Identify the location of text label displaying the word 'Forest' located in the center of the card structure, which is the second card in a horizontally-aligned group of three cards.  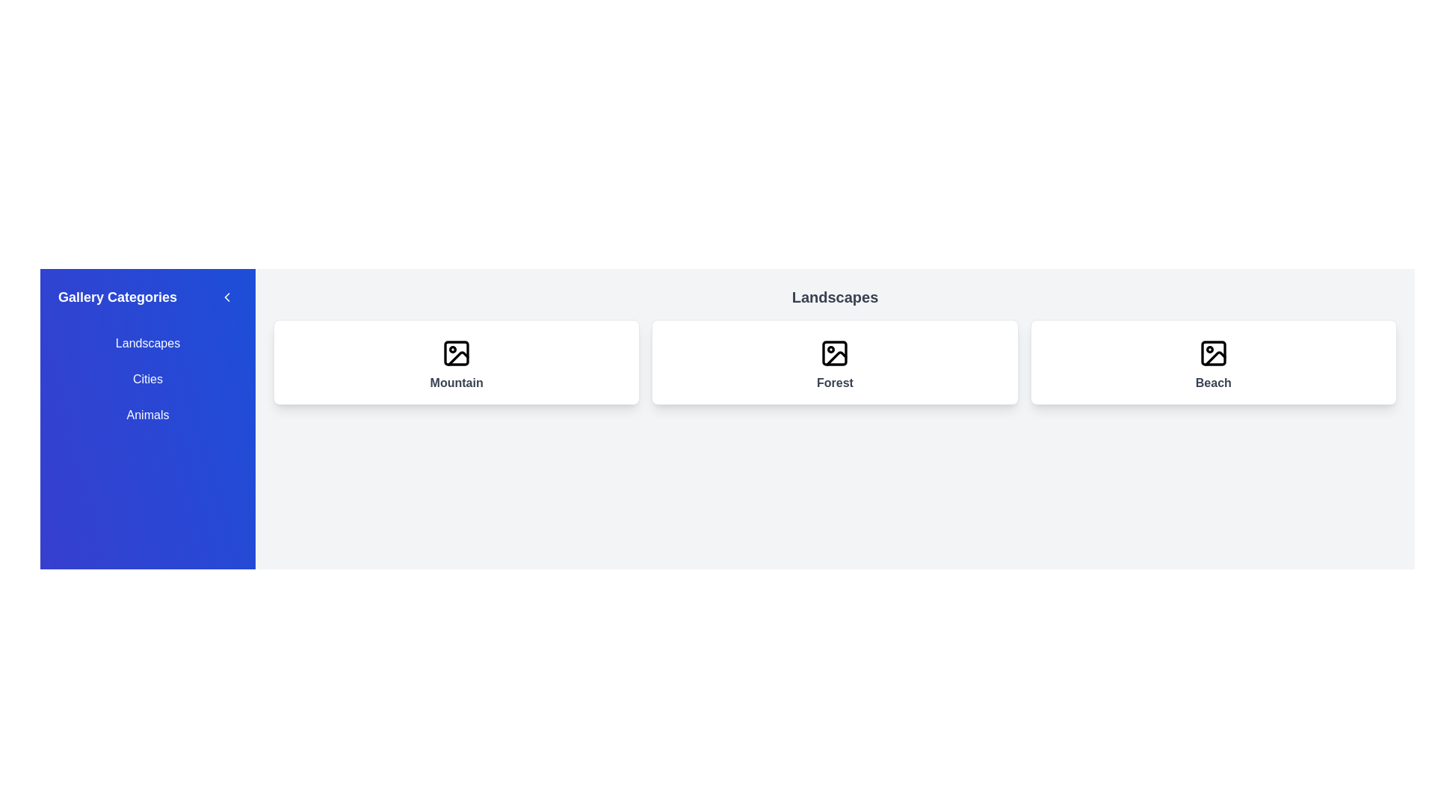
(834, 383).